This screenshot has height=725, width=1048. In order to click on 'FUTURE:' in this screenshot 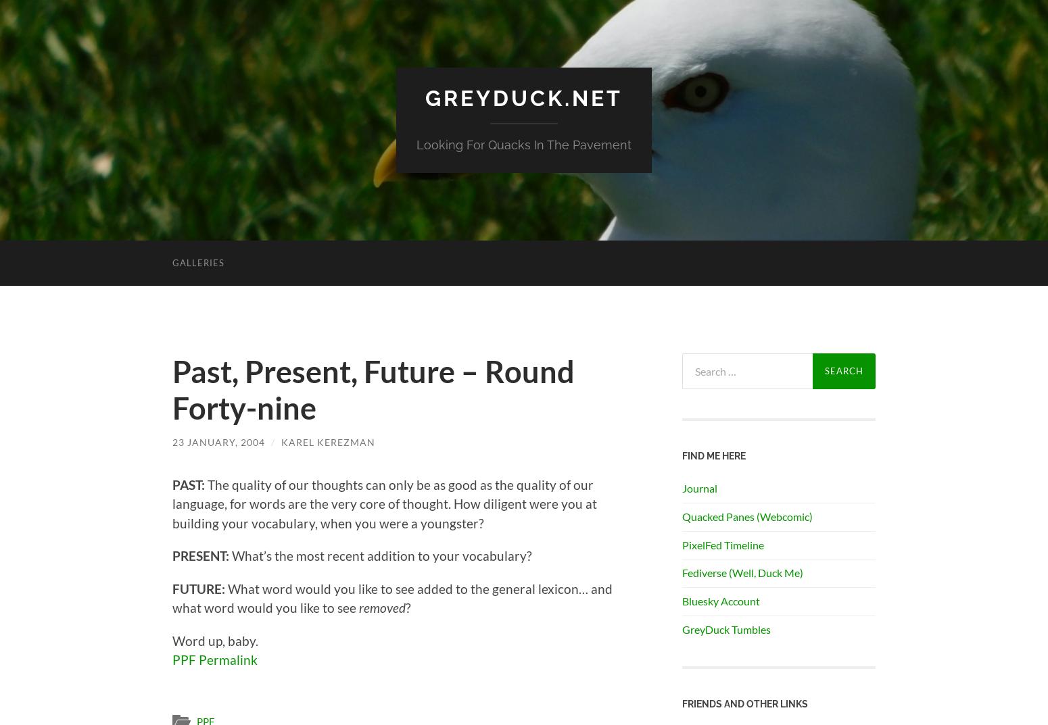, I will do `click(199, 587)`.